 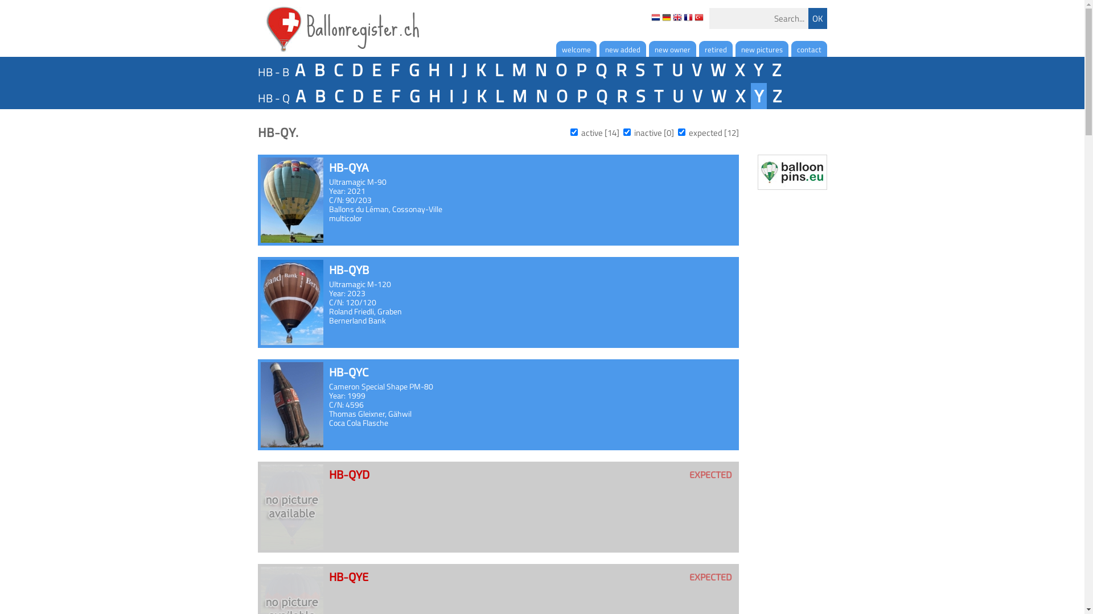 I want to click on 'J', so click(x=463, y=70).